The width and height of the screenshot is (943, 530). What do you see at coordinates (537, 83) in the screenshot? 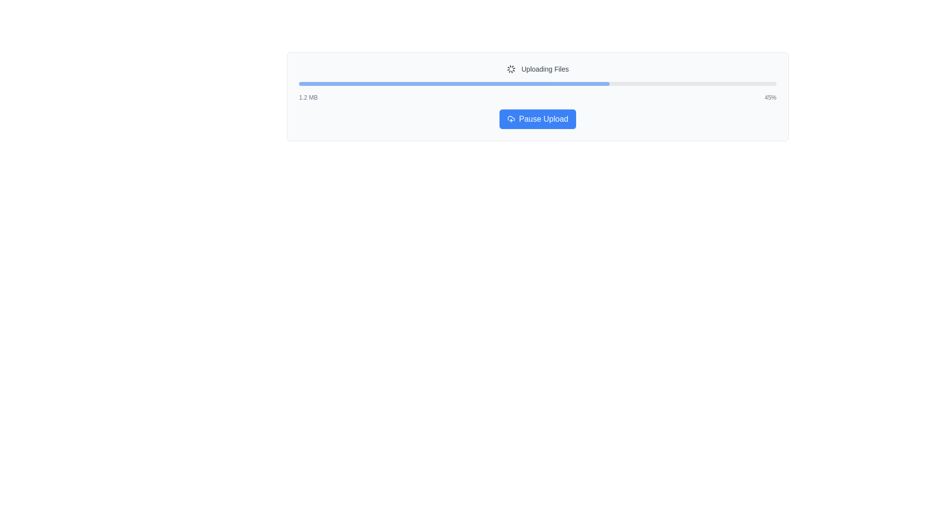
I see `the horizontal progress bar located centrally below the 'Uploading Files' label and above the 'Pause Upload' button` at bounding box center [537, 83].